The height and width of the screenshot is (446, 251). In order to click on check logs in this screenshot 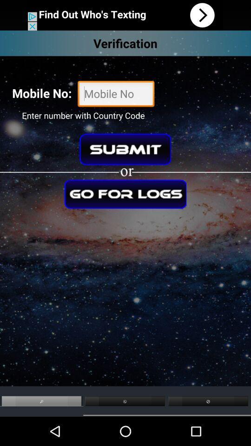, I will do `click(125, 193)`.